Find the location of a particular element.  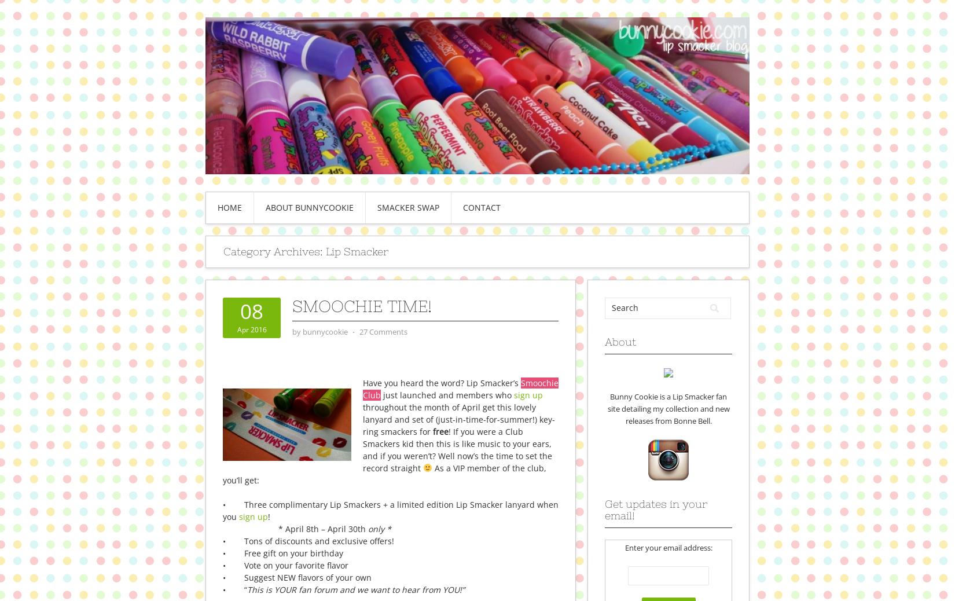

'by' is located at coordinates (296, 331).